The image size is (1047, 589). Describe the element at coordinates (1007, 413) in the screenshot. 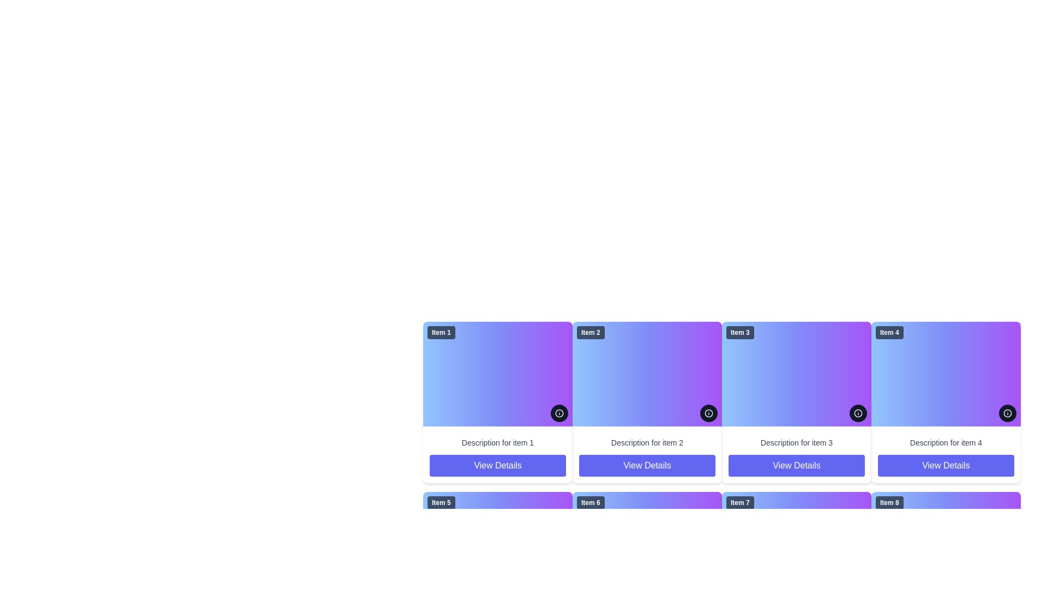

I see `the 'info' button located at the bottom-right of the card titled 'Item 4'` at that location.